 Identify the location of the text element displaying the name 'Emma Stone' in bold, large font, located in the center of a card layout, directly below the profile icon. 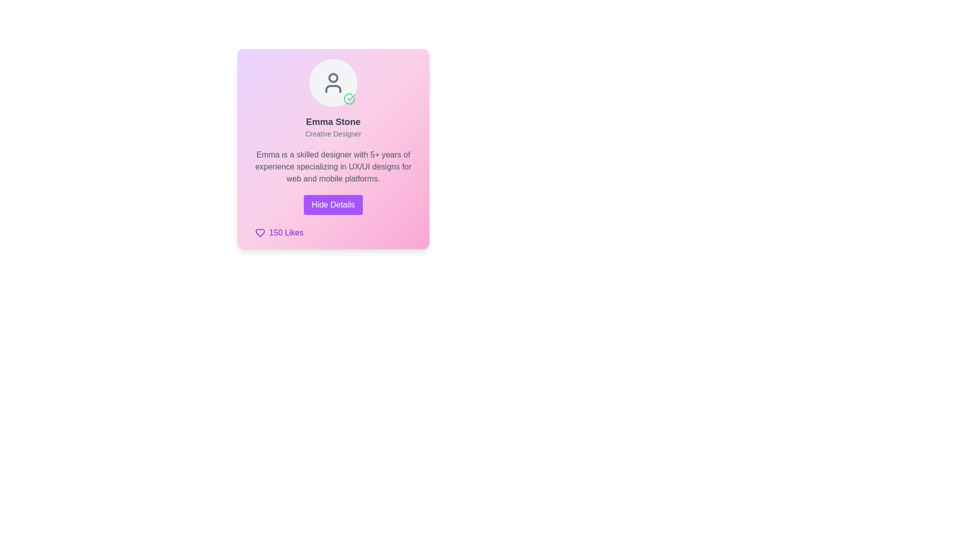
(333, 121).